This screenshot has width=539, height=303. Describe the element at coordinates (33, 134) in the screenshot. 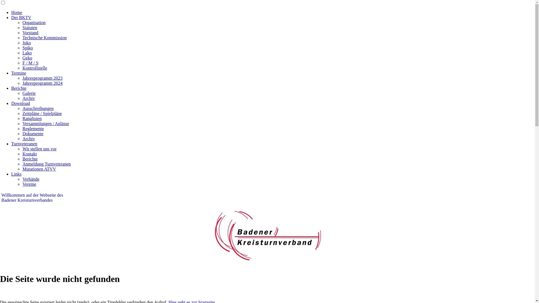

I see `'Dokumente'` at that location.